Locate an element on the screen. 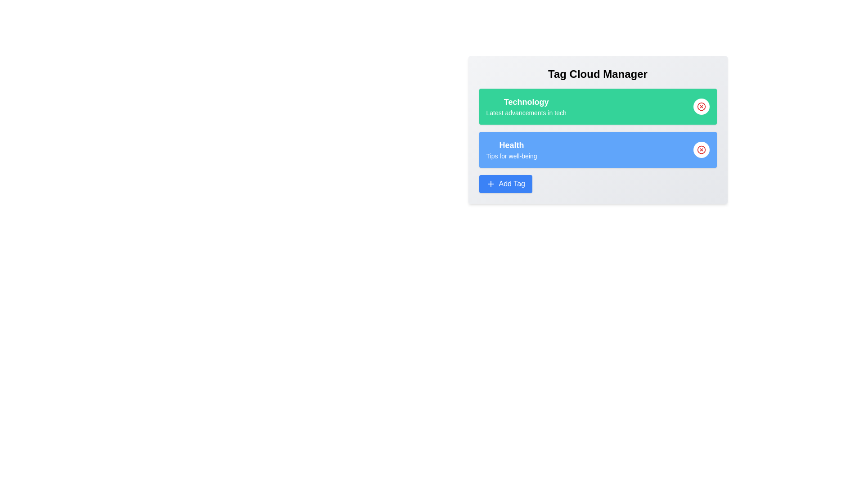 The height and width of the screenshot is (486, 864). 'Remove Tag' button for the tag Technology is located at coordinates (701, 106).